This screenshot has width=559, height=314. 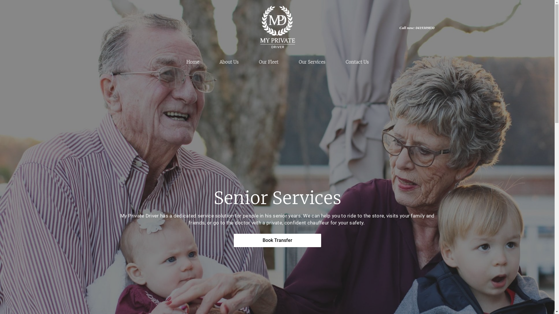 I want to click on 'Book Transfer', so click(x=277, y=240).